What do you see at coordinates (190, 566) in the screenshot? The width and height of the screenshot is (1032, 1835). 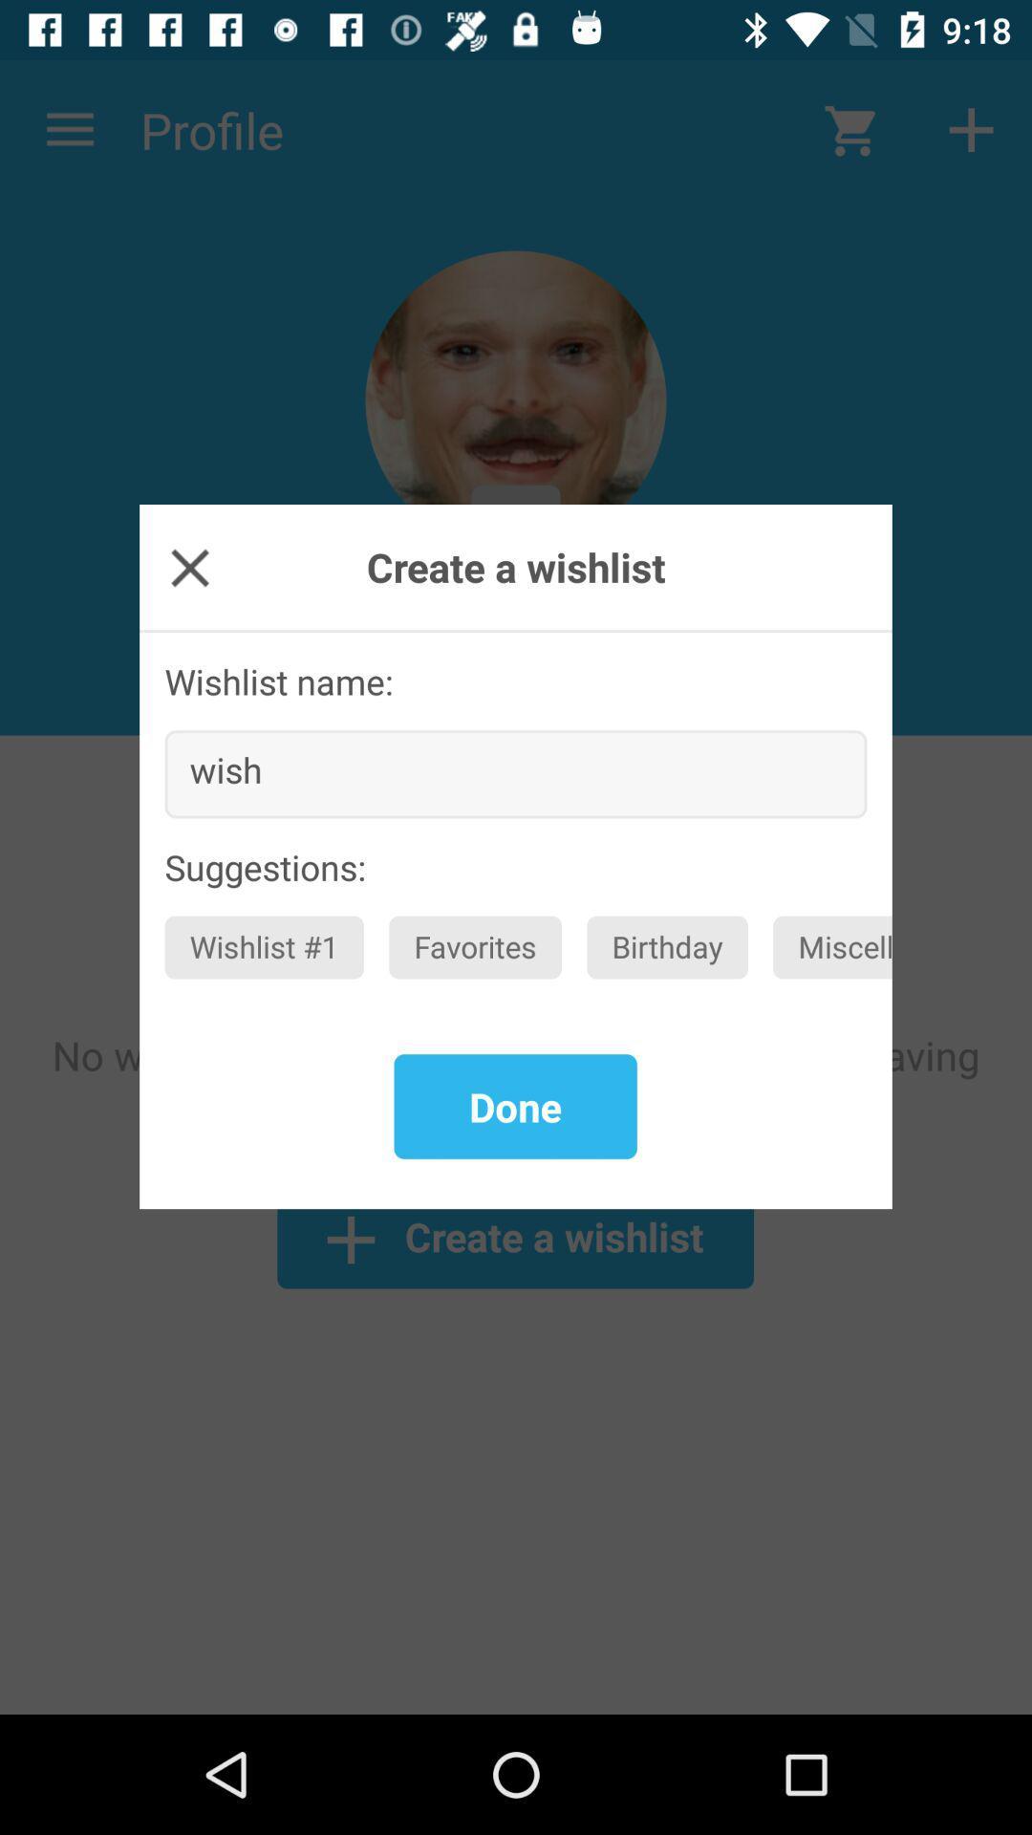 I see `create a wishlist` at bounding box center [190, 566].